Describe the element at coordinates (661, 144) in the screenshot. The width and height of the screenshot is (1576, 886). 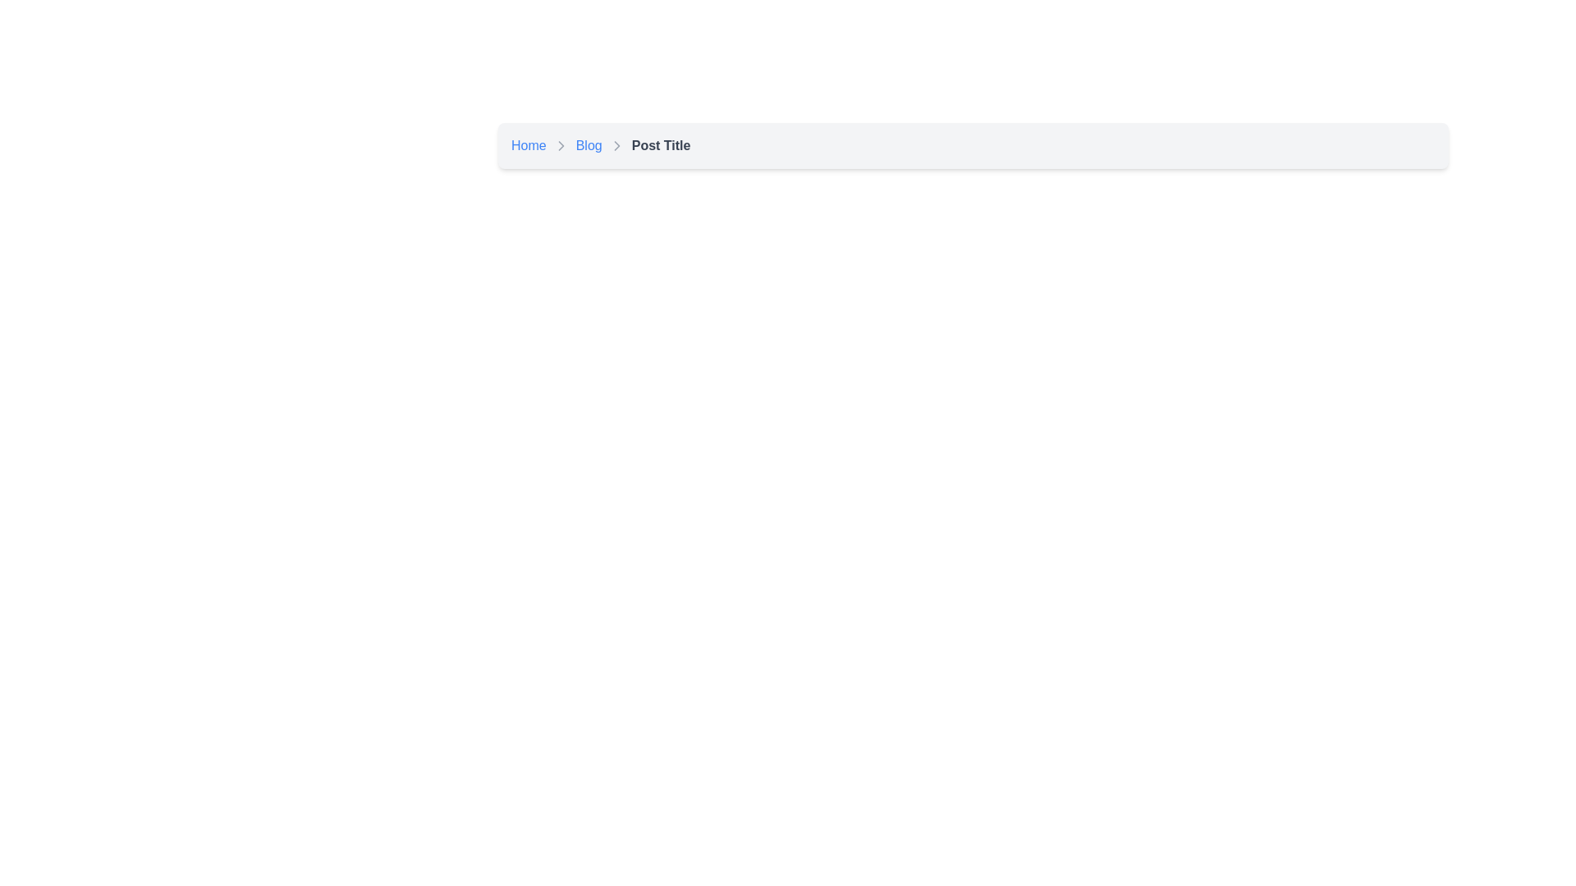
I see `the 'Post Title' text label, which is styled in gray font and bold, located in the breadcrumb navigation system as the last item` at that location.